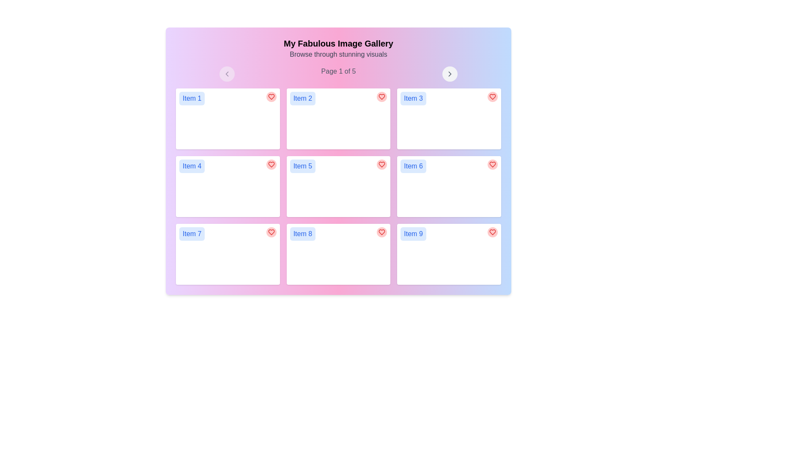 The height and width of the screenshot is (457, 812). I want to click on the text label that indicates the current page number and total number of pages in the paginator system, located centrally within the pink-to-purple gradient box beneath the title 'My Fabulous Image Gallery', so click(338, 73).